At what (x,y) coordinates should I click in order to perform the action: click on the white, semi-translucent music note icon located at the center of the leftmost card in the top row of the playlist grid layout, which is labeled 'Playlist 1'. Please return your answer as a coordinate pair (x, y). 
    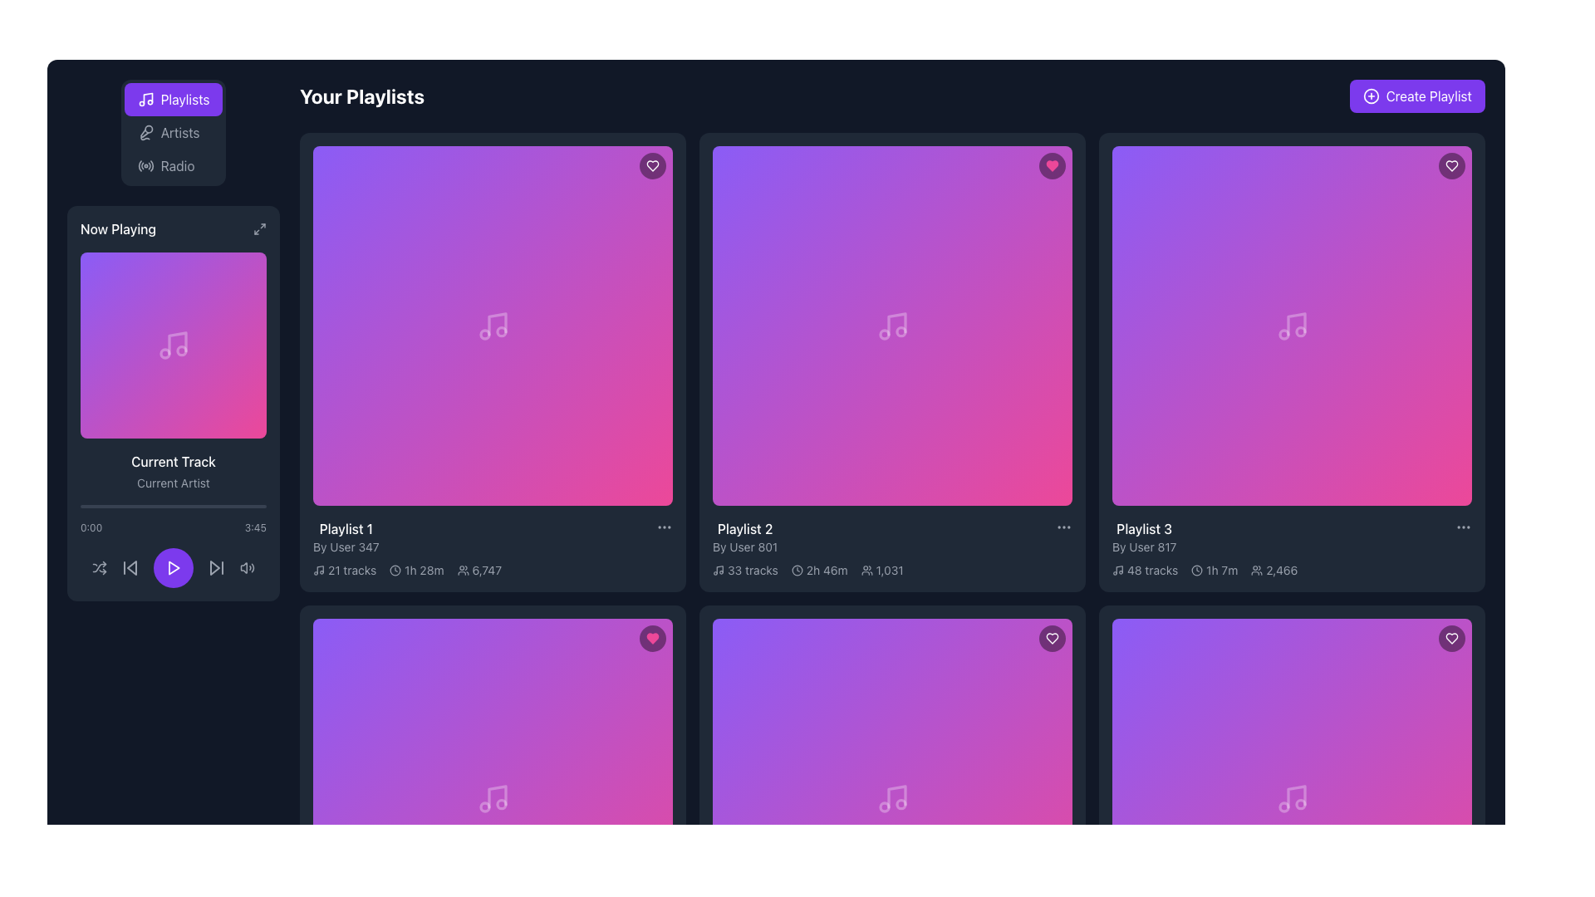
    Looking at the image, I should click on (492, 326).